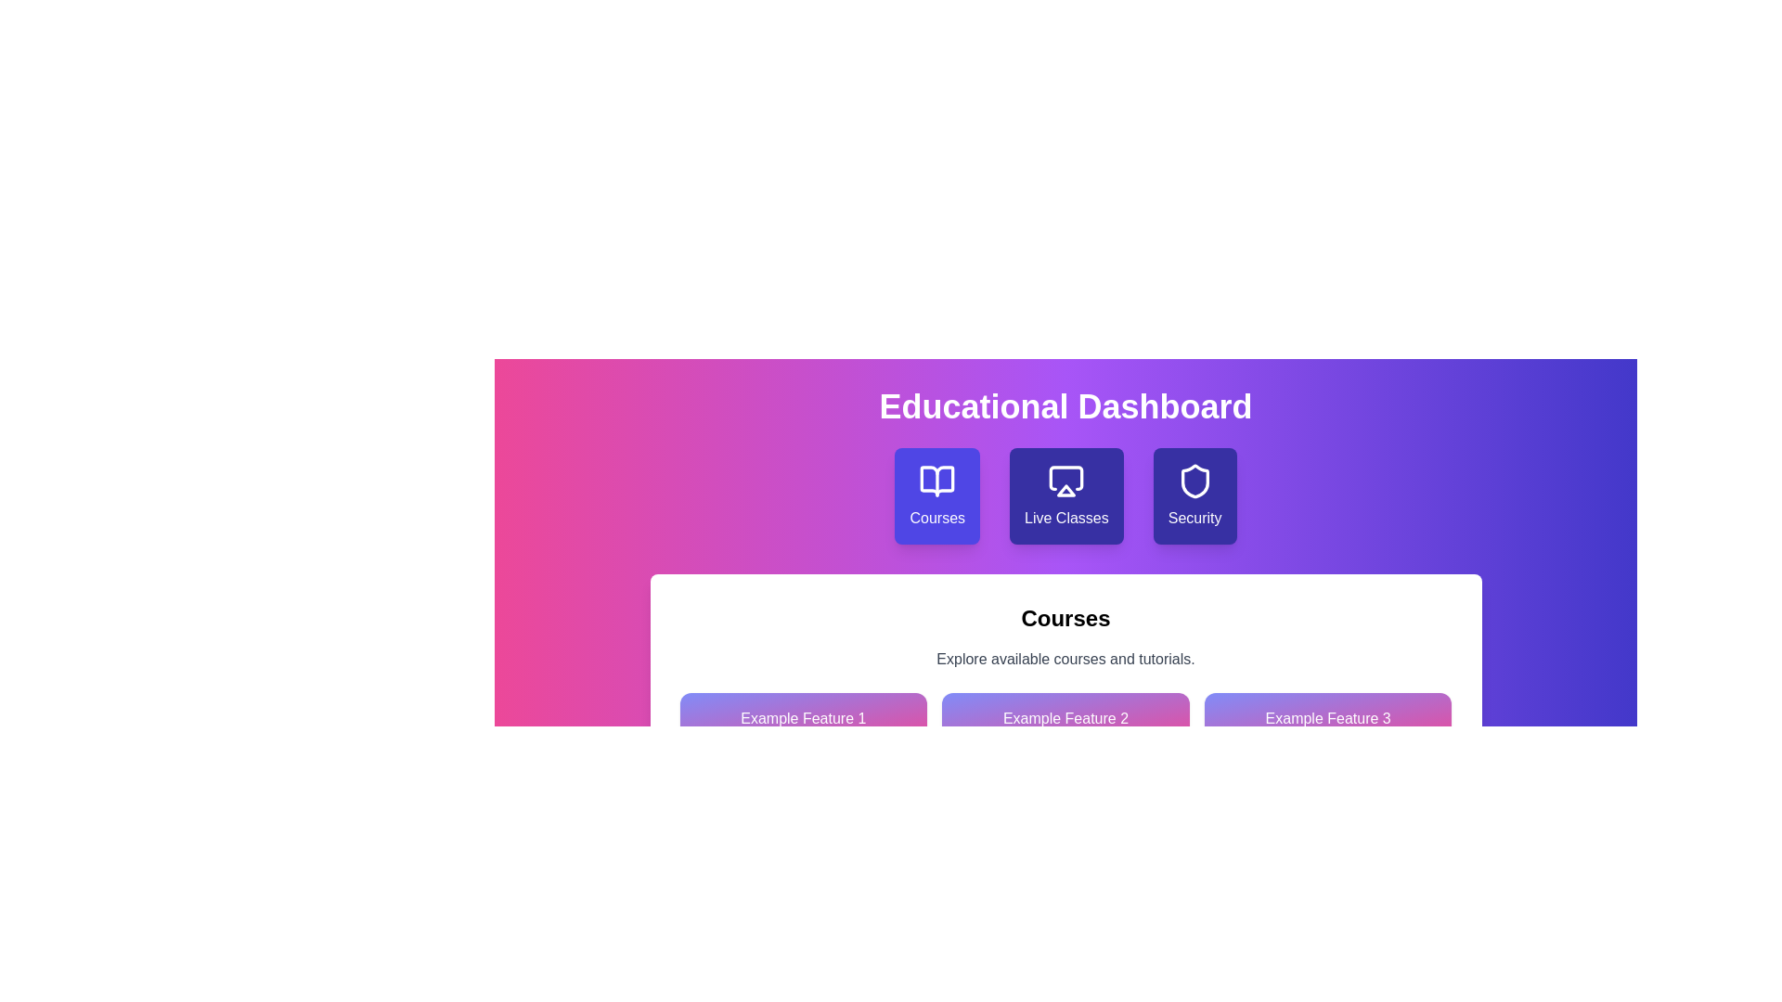 The height and width of the screenshot is (1002, 1782). What do you see at coordinates (1065, 495) in the screenshot?
I see `the Live Classes tab` at bounding box center [1065, 495].